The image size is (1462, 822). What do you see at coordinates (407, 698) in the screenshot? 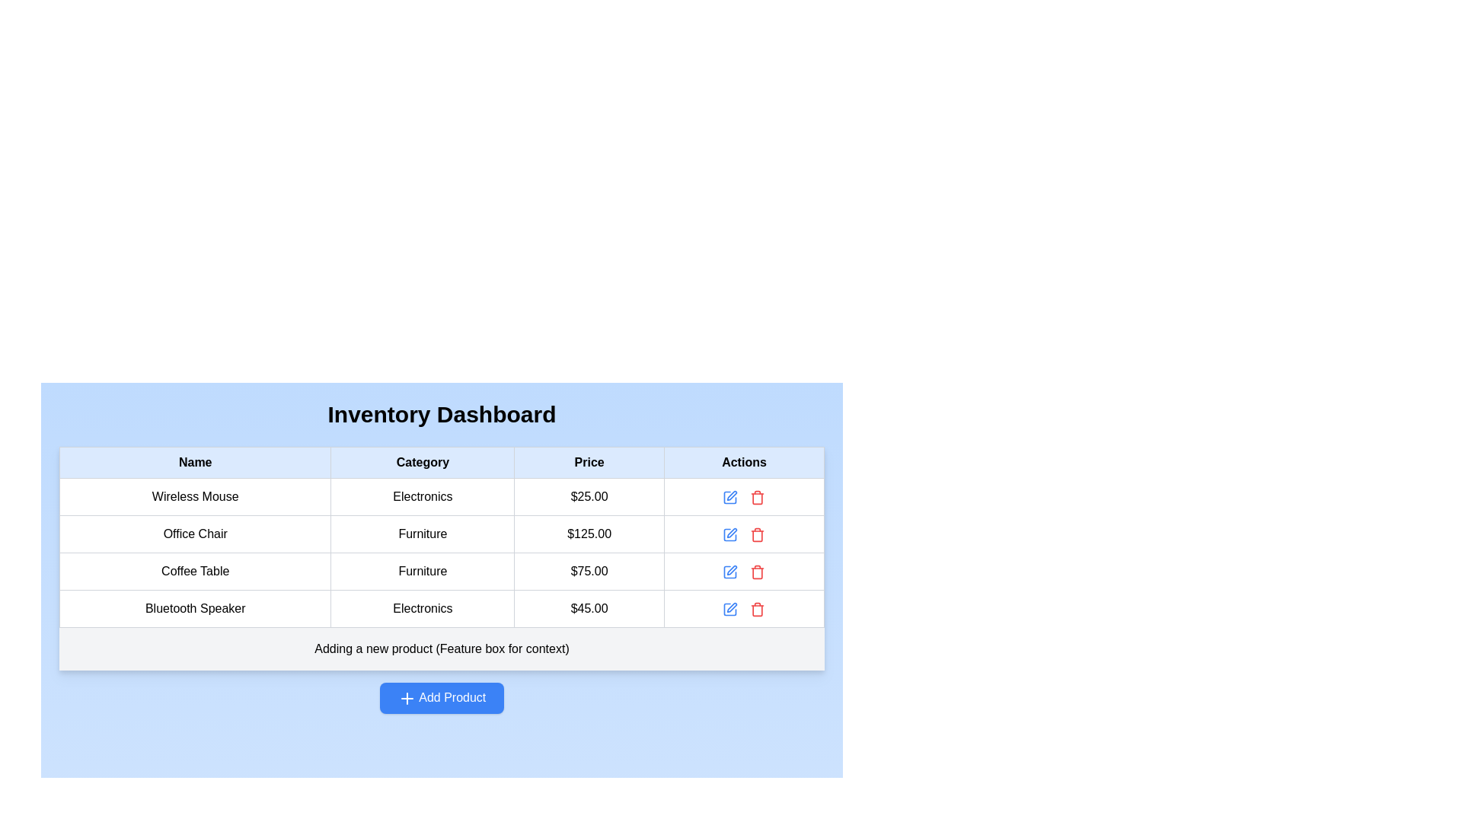
I see `the plus icon located within the 'Add Product' button, which features a blue background and white text` at bounding box center [407, 698].